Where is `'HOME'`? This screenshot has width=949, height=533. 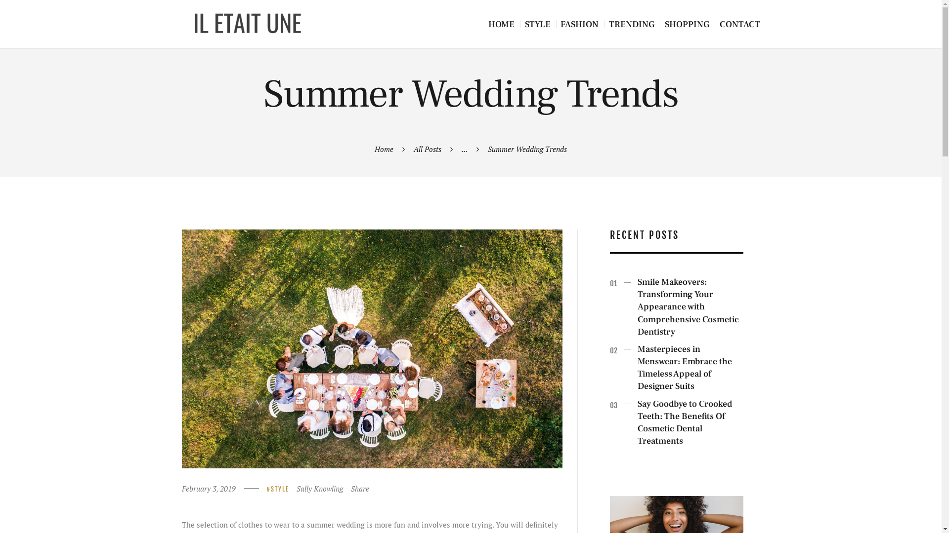
'HOME' is located at coordinates (501, 24).